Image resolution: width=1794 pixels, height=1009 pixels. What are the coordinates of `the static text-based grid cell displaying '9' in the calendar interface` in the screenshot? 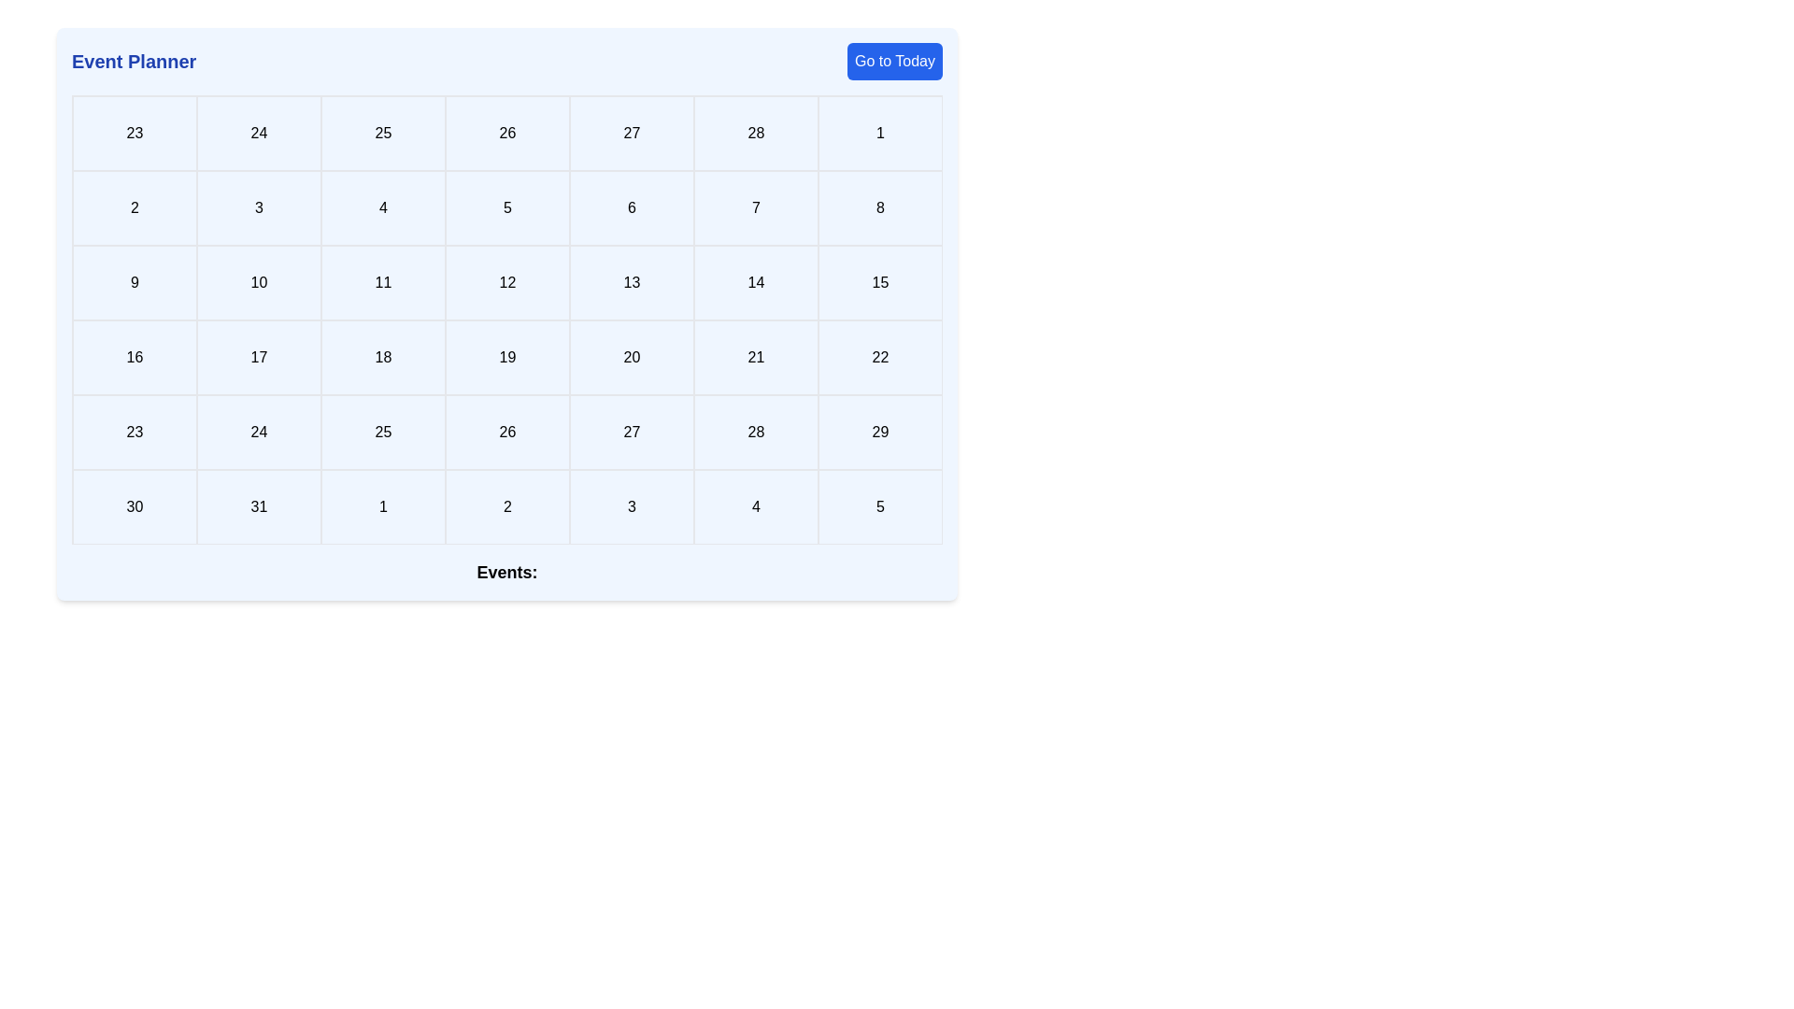 It's located at (134, 283).